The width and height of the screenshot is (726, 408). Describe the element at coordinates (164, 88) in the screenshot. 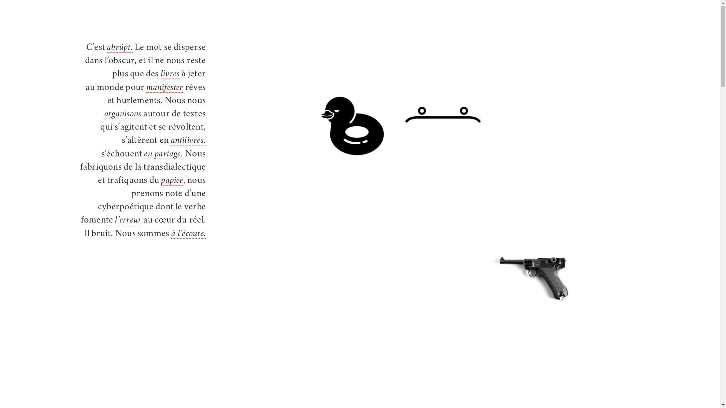

I see `'manifester'` at that location.